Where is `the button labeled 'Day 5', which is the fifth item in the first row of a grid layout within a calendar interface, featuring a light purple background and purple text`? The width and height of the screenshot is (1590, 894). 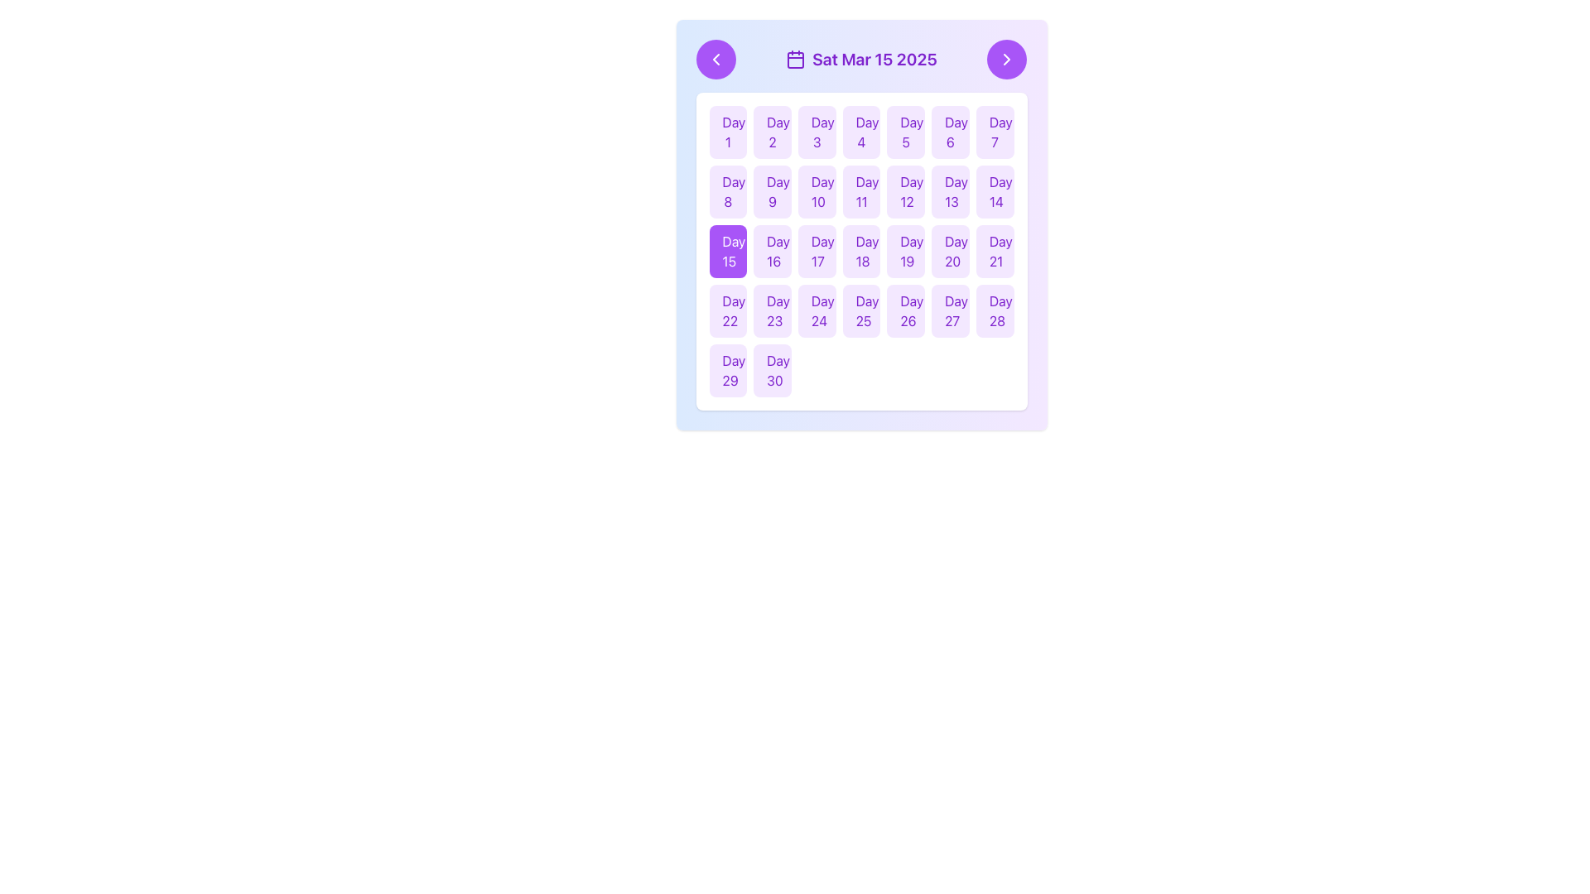 the button labeled 'Day 5', which is the fifth item in the first row of a grid layout within a calendar interface, featuring a light purple background and purple text is located at coordinates (905, 131).